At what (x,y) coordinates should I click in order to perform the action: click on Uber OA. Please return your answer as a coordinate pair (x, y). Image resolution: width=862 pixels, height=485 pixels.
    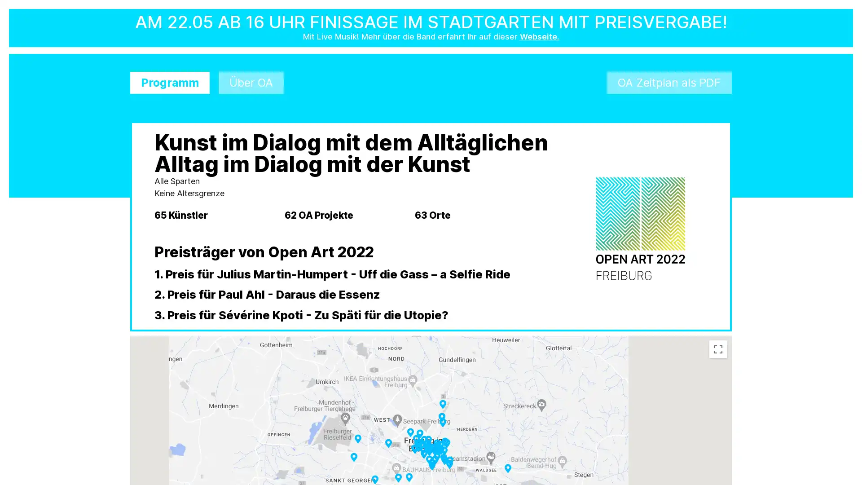
    Looking at the image, I should click on (251, 83).